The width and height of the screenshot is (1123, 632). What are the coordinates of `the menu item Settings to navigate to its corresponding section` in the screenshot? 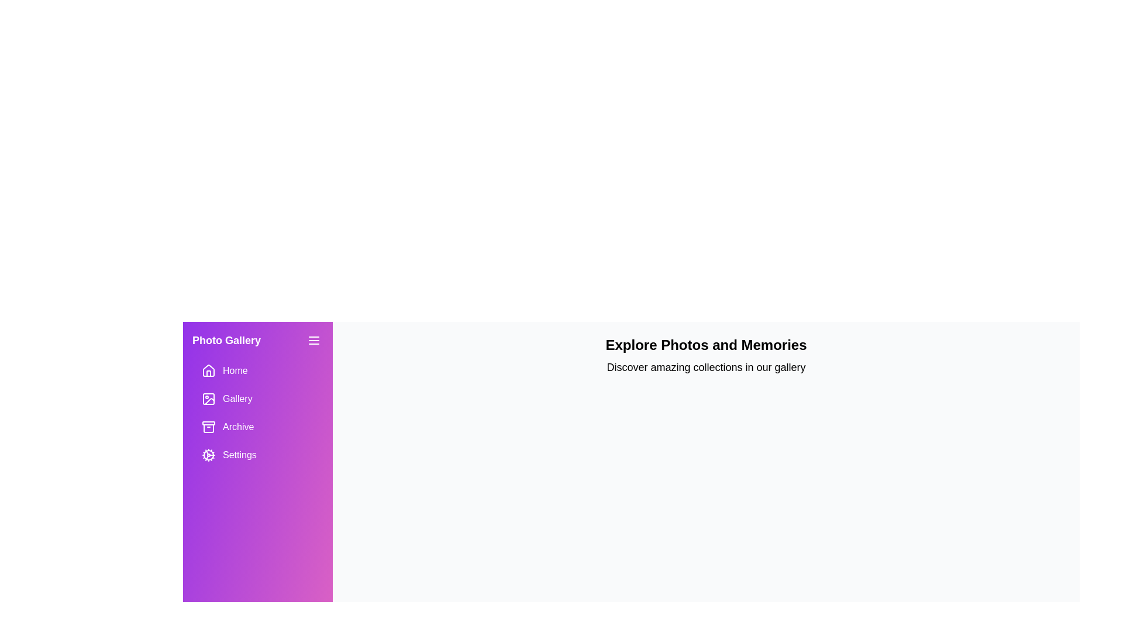 It's located at (257, 455).